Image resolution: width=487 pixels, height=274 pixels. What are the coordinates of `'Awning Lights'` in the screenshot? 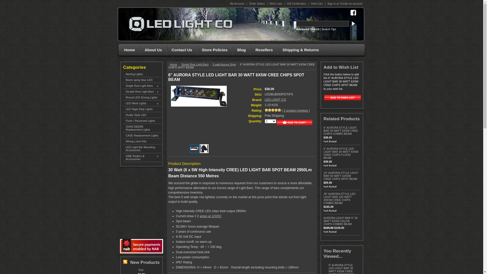 It's located at (142, 74).